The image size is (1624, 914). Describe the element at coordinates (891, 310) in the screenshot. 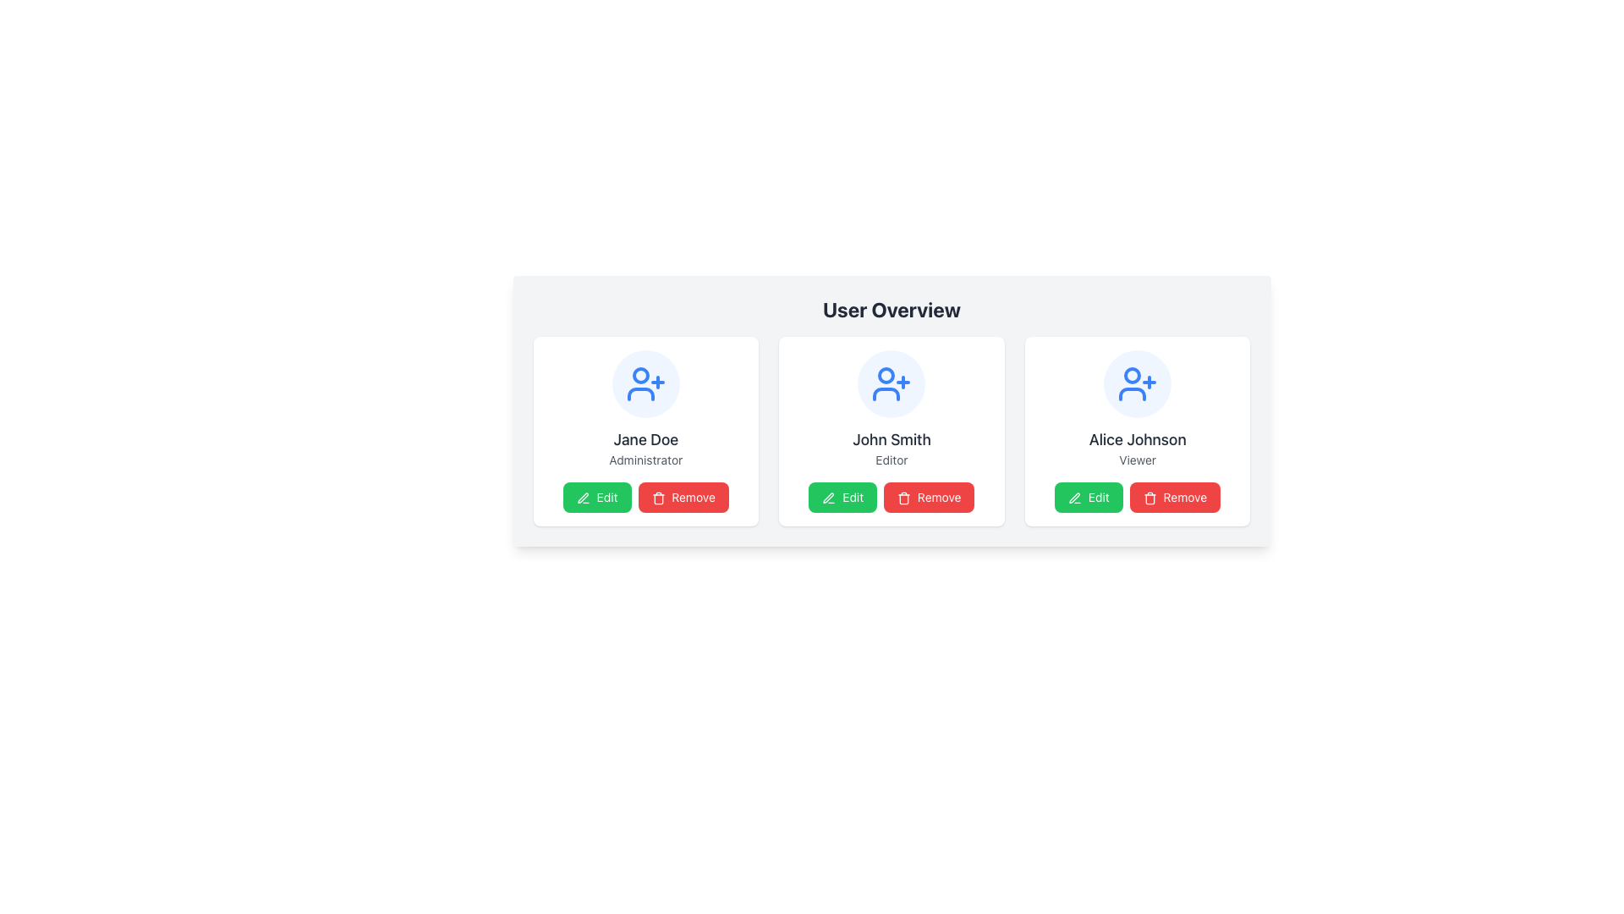

I see `the bold, large text label that reads 'User Overview', which is centered at the top of the section containing user profiles` at that location.